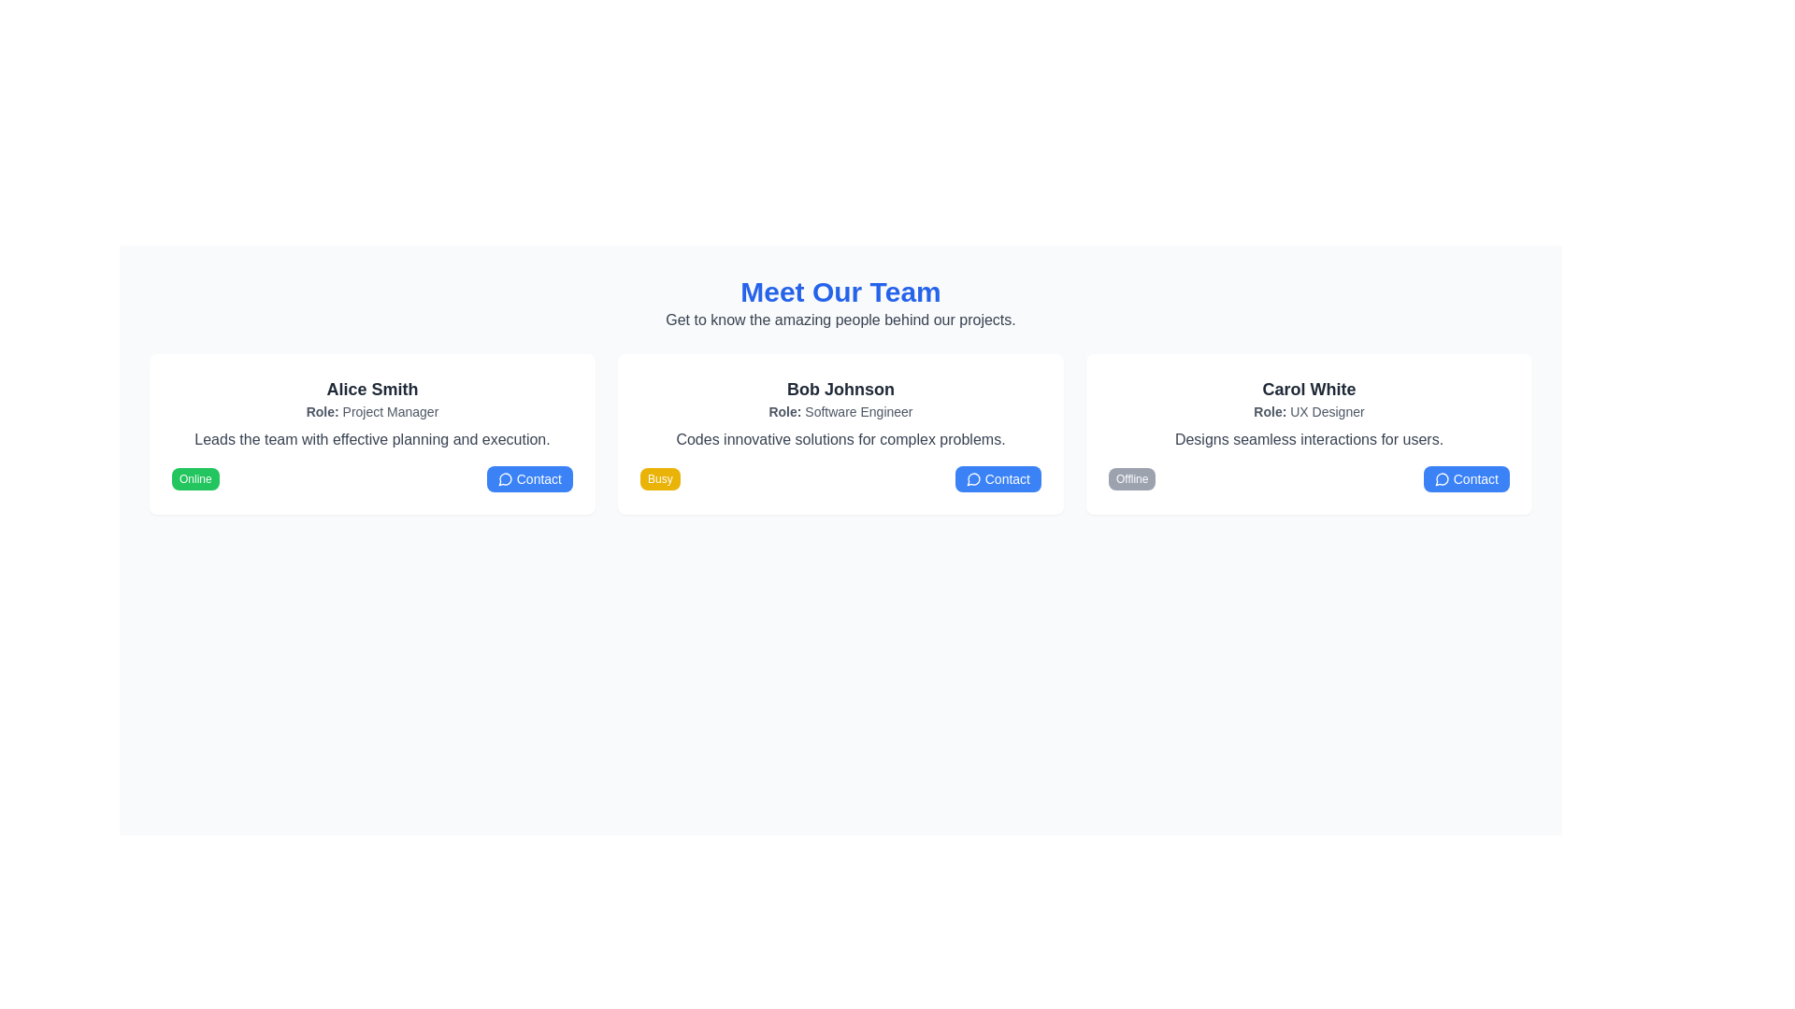 The width and height of the screenshot is (1795, 1009). What do you see at coordinates (1308, 410) in the screenshot?
I see `text label that displays 'Role: UX Designer', which is located below the name 'Carol White' in the card layout` at bounding box center [1308, 410].